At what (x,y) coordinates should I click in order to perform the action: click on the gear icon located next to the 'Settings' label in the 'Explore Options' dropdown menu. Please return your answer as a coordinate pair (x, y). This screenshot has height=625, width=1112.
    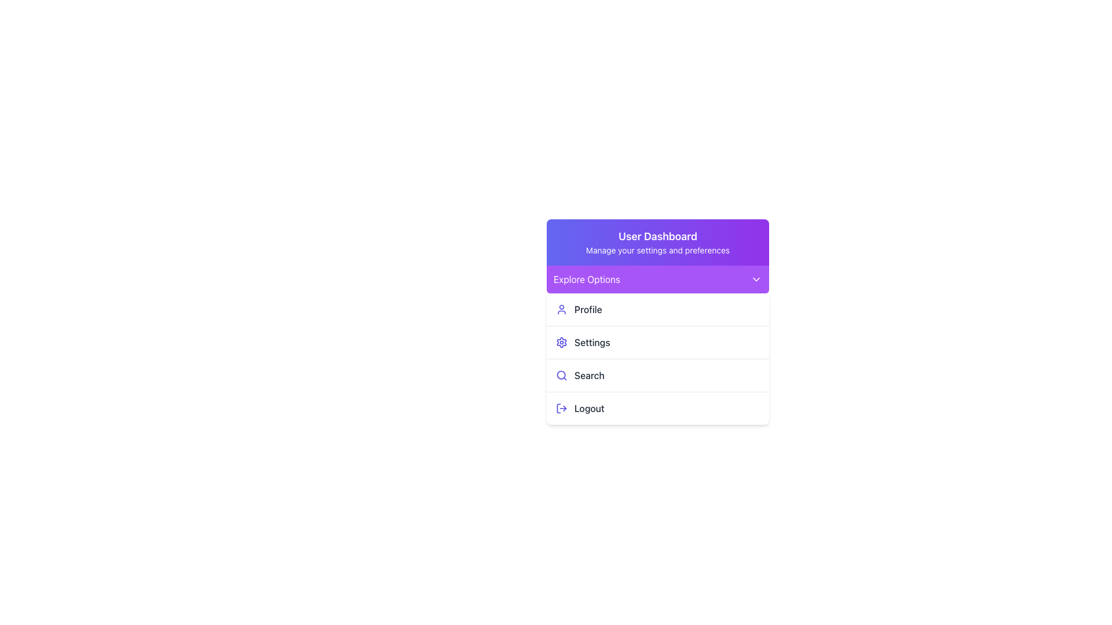
    Looking at the image, I should click on (561, 341).